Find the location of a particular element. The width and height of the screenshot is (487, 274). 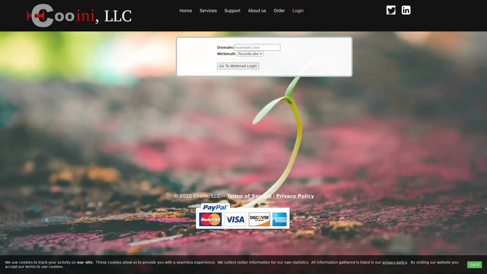

Got It is located at coordinates (474, 264).